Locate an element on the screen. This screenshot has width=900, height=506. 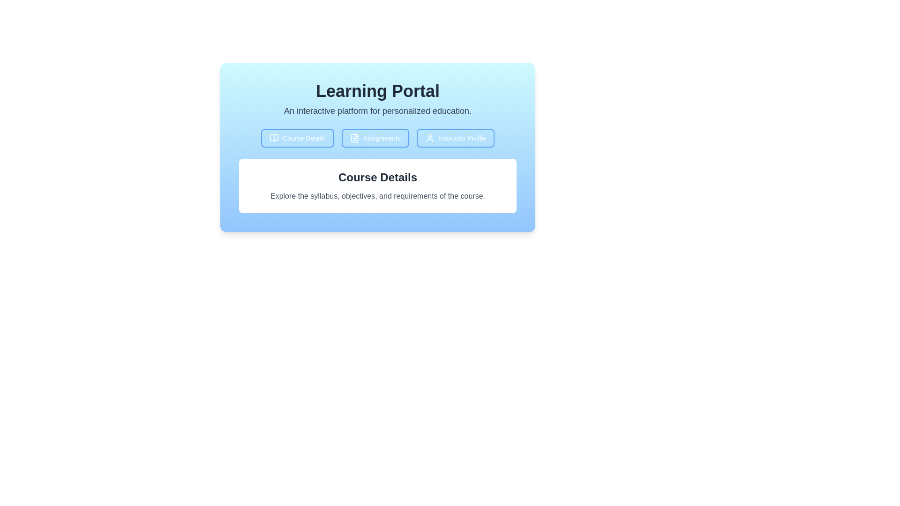
the Course Details tab is located at coordinates (297, 138).